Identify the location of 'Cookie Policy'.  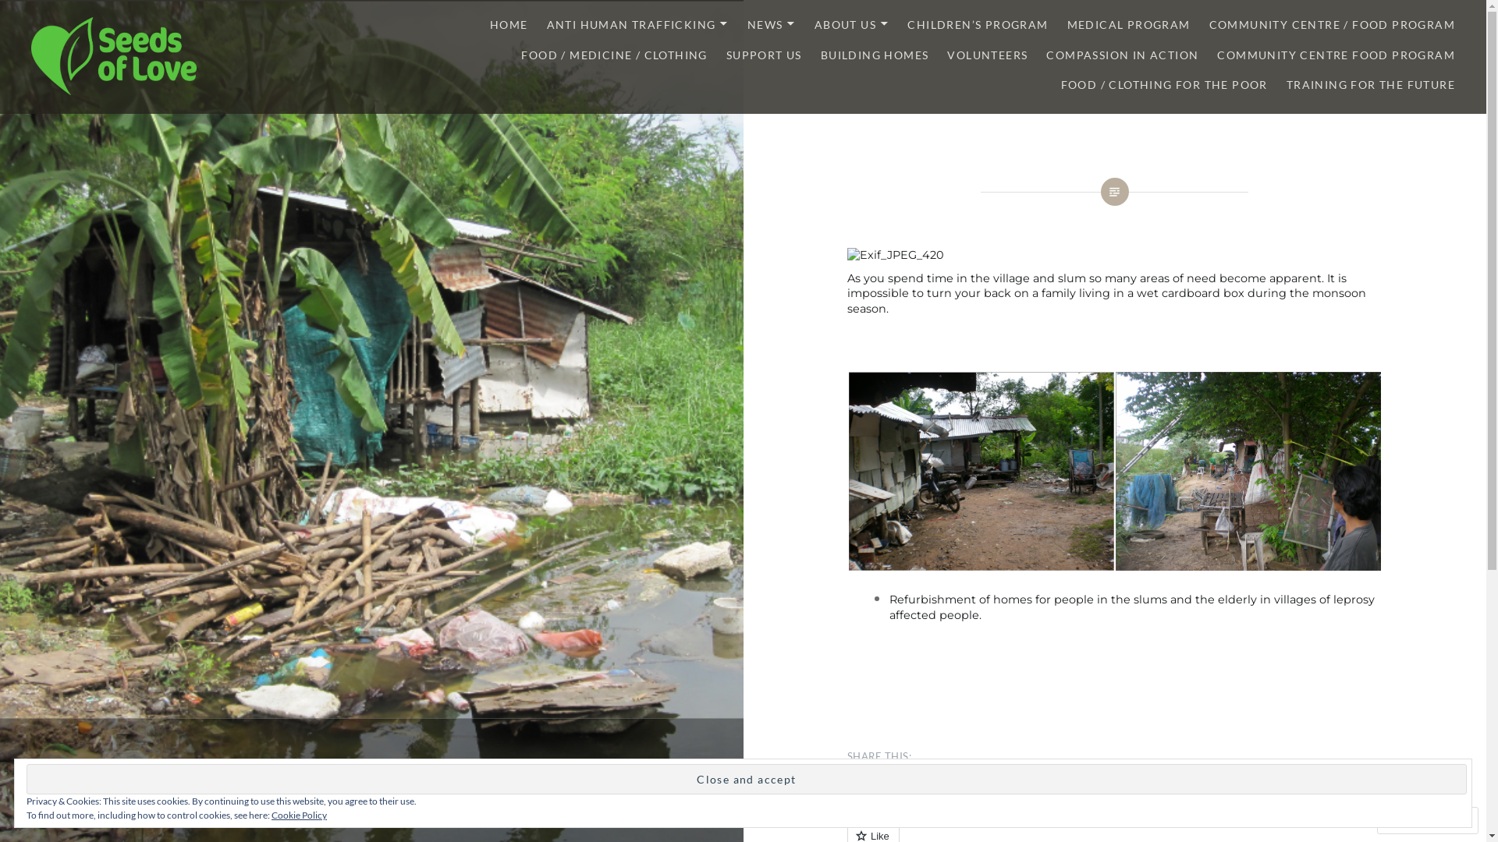
(299, 814).